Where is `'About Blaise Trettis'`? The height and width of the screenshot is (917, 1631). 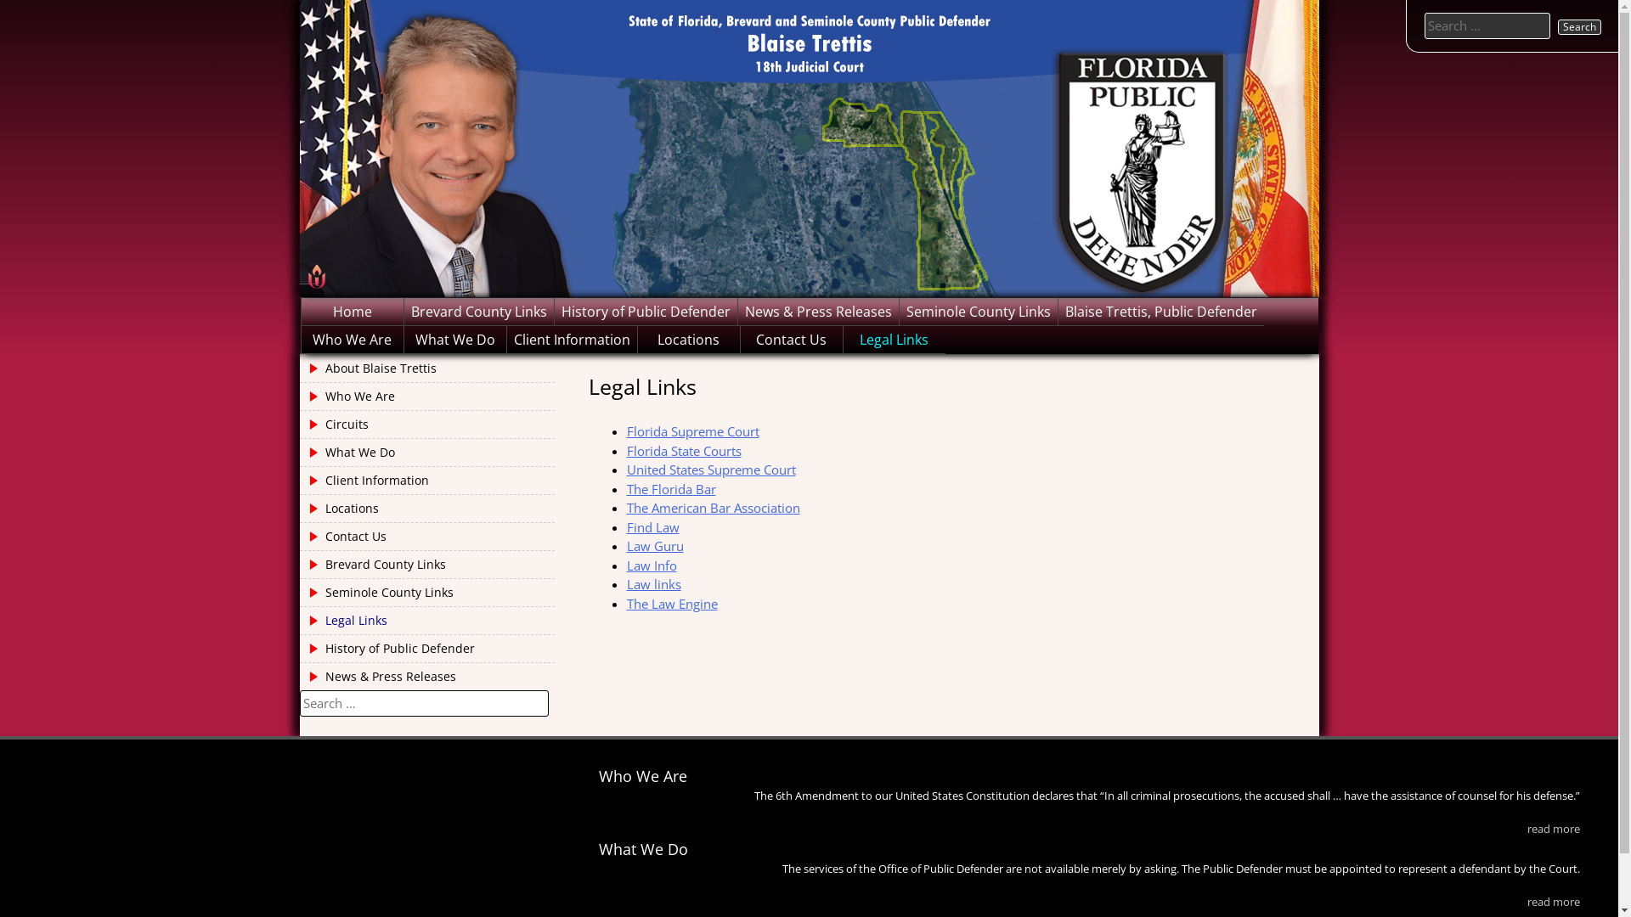
'About Blaise Trettis' is located at coordinates (426, 368).